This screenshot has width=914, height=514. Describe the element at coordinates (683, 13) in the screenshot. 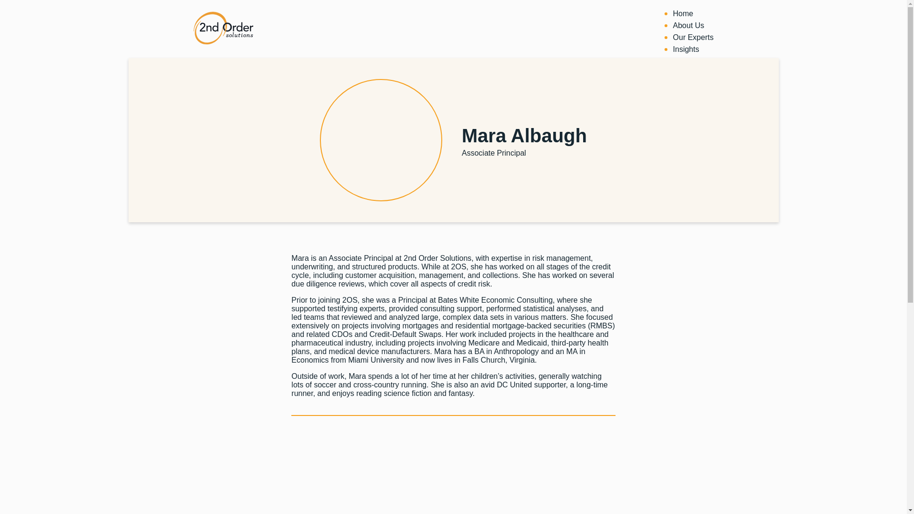

I see `'Home'` at that location.